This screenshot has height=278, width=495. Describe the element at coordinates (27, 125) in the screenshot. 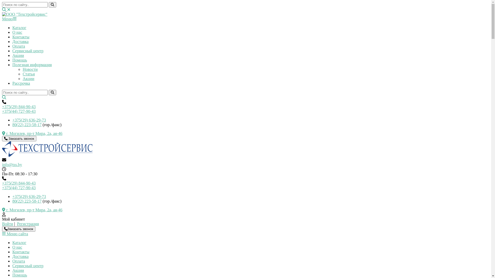

I see `'80(22) 223-58-17'` at that location.